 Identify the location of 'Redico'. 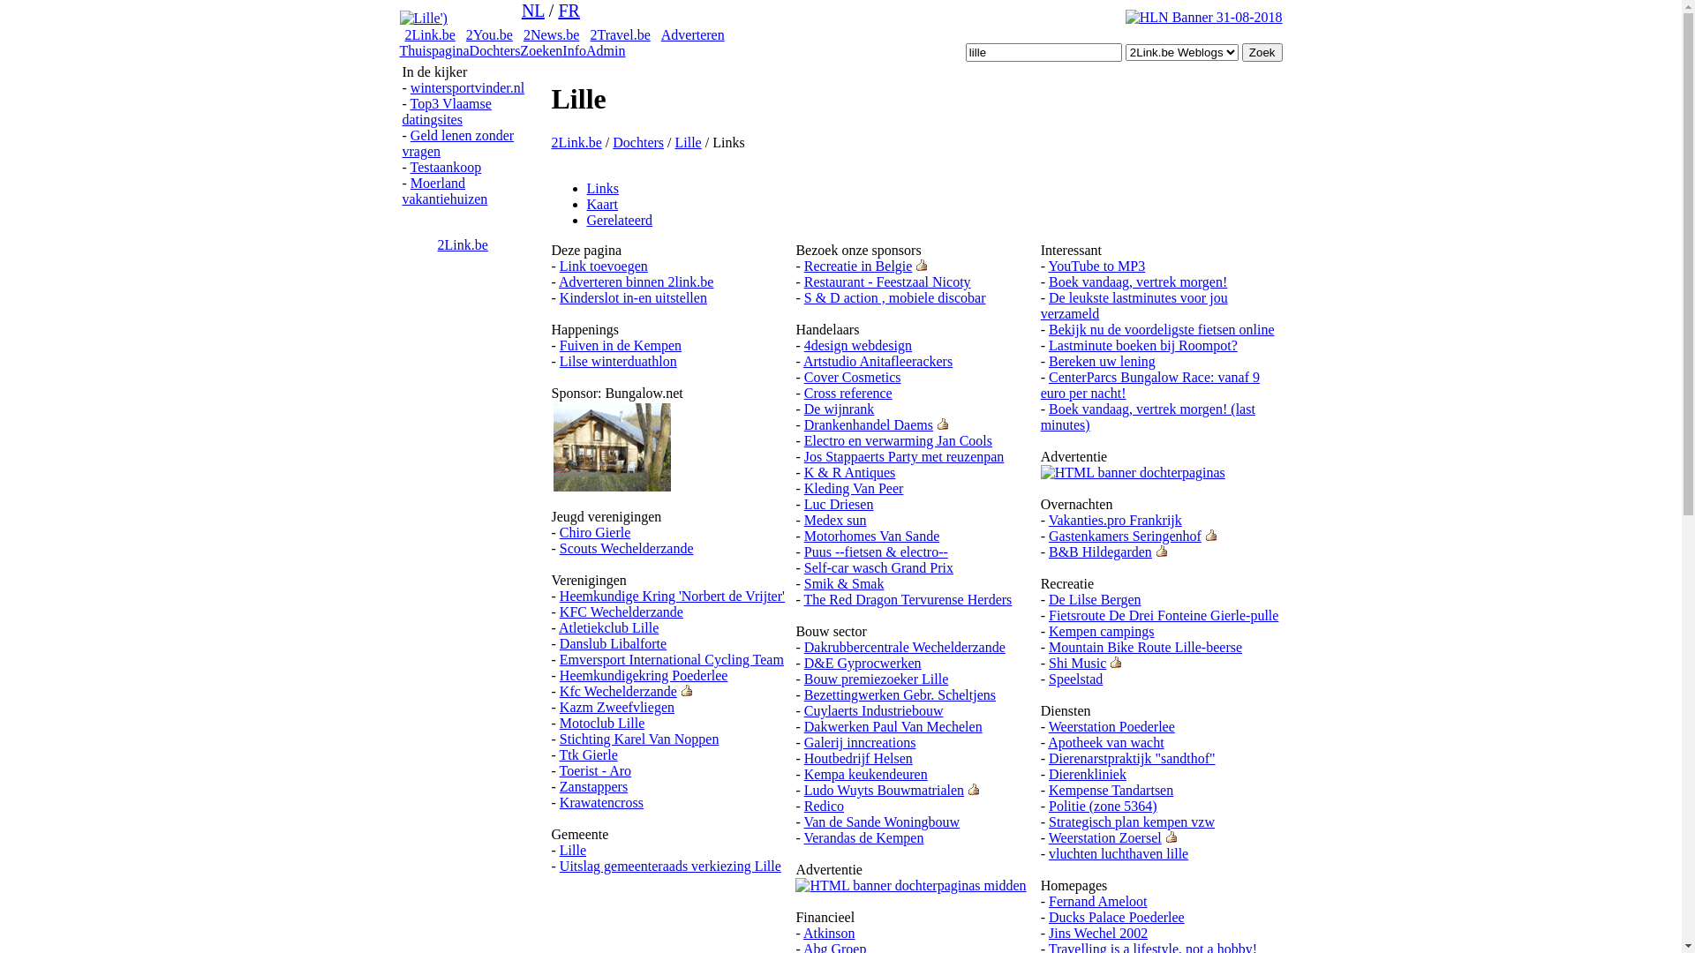
(823, 806).